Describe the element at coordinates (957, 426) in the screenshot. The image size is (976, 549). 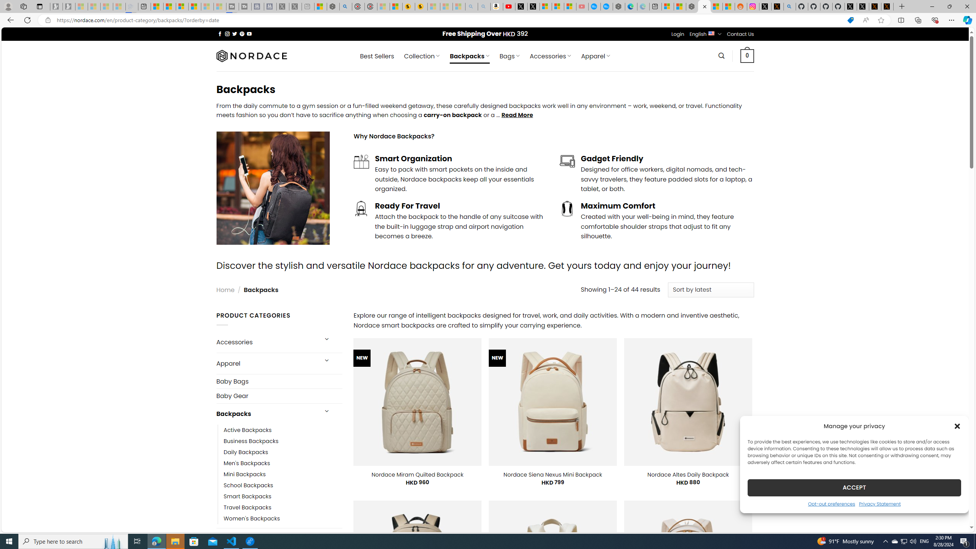
I see `'Class: cmplz-close'` at that location.